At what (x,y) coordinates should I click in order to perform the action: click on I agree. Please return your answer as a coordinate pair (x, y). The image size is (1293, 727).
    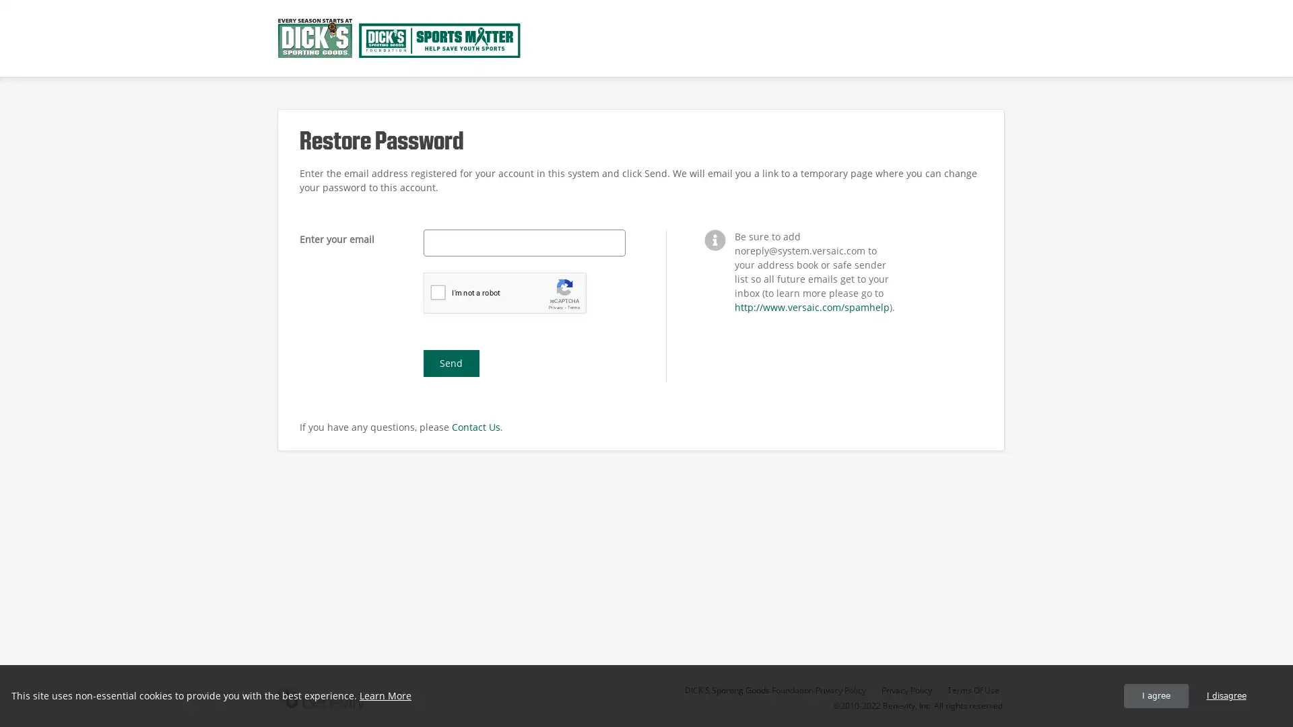
    Looking at the image, I should click on (1156, 695).